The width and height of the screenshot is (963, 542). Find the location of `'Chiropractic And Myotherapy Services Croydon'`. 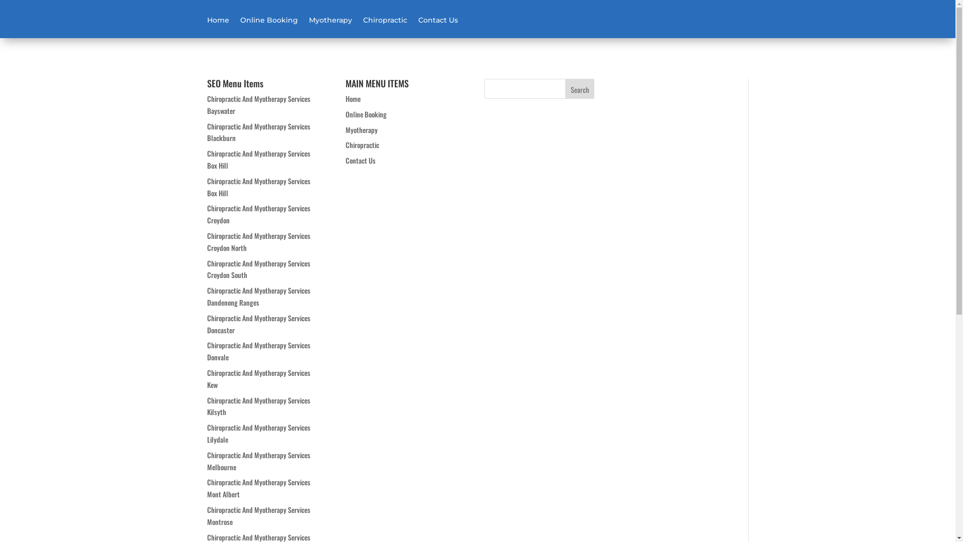

'Chiropractic And Myotherapy Services Croydon' is located at coordinates (258, 213).